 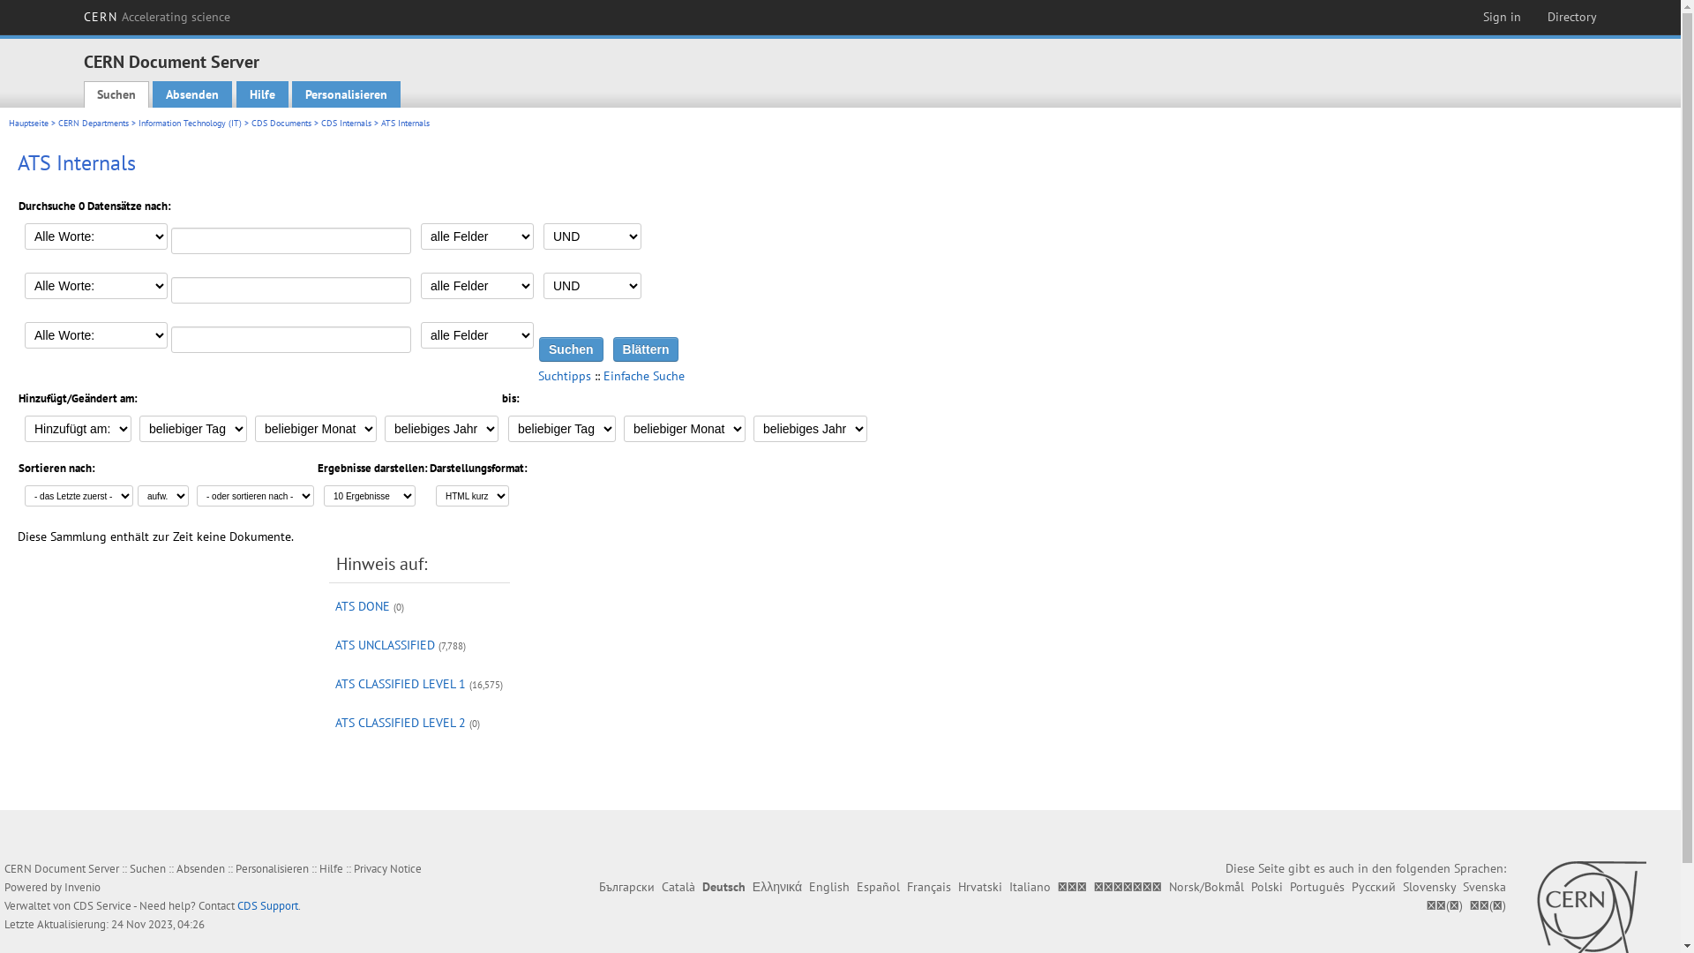 What do you see at coordinates (1501, 17) in the screenshot?
I see `'Sign in'` at bounding box center [1501, 17].